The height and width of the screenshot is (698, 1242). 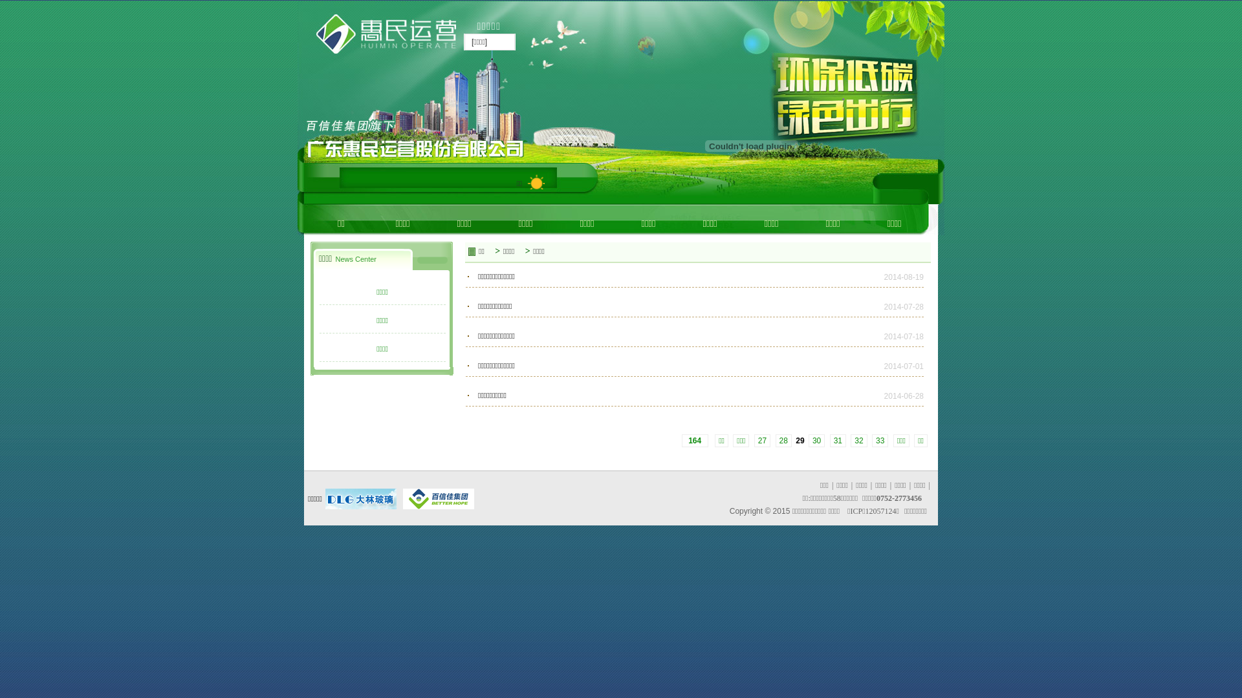 What do you see at coordinates (838, 440) in the screenshot?
I see `'31'` at bounding box center [838, 440].